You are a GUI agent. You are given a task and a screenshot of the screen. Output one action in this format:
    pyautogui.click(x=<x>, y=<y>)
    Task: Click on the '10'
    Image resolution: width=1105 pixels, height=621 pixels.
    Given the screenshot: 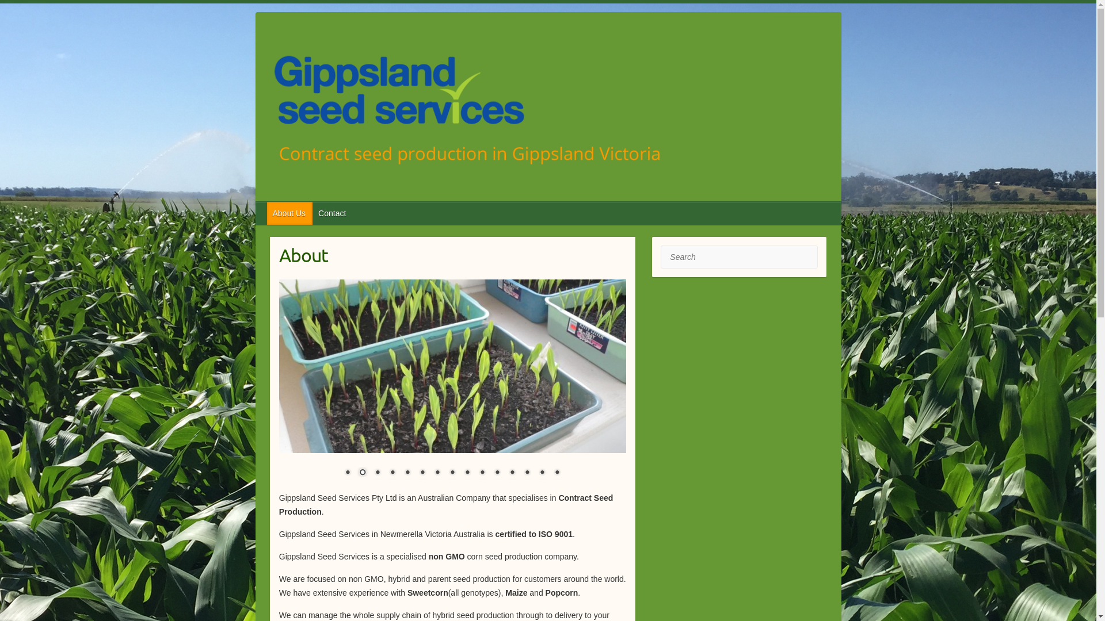 What is the action you would take?
    pyautogui.click(x=482, y=473)
    